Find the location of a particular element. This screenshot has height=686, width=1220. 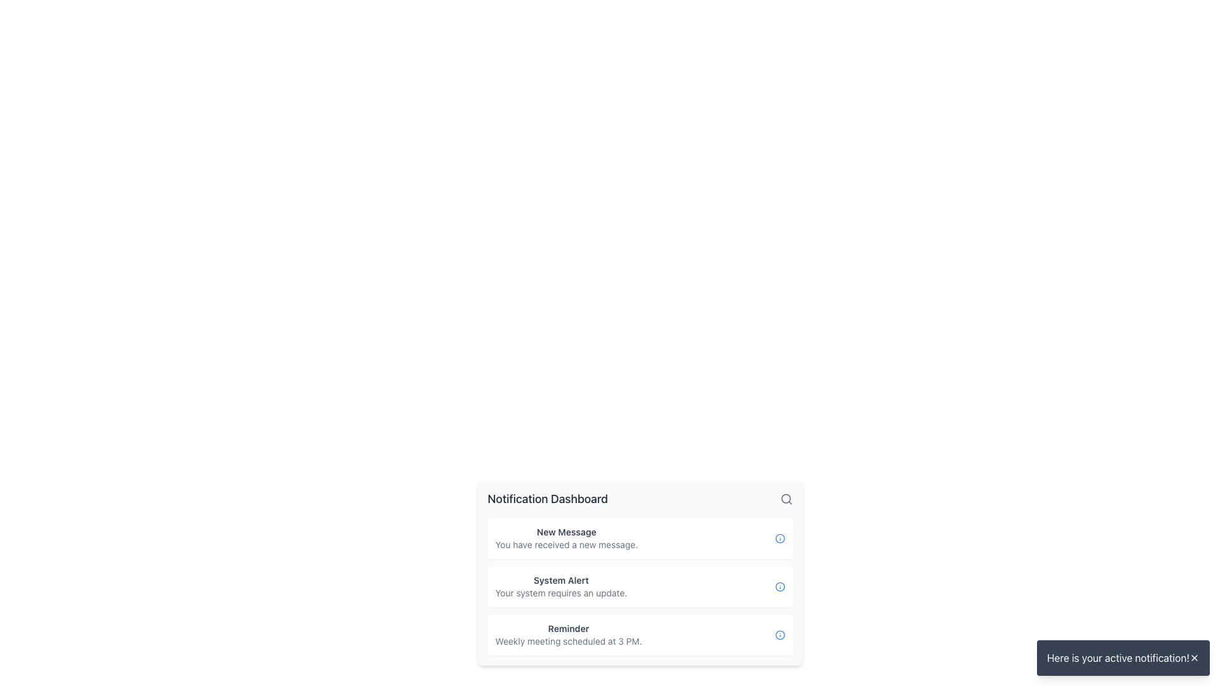

the Notification Box Item, which is a boxed section of a notification dashboard with a light gray background, rounded corners, and three notifications titled 'New Message', 'System Alert', and 'Reminder'. This is the middle item of the three notifications is located at coordinates (640, 573).